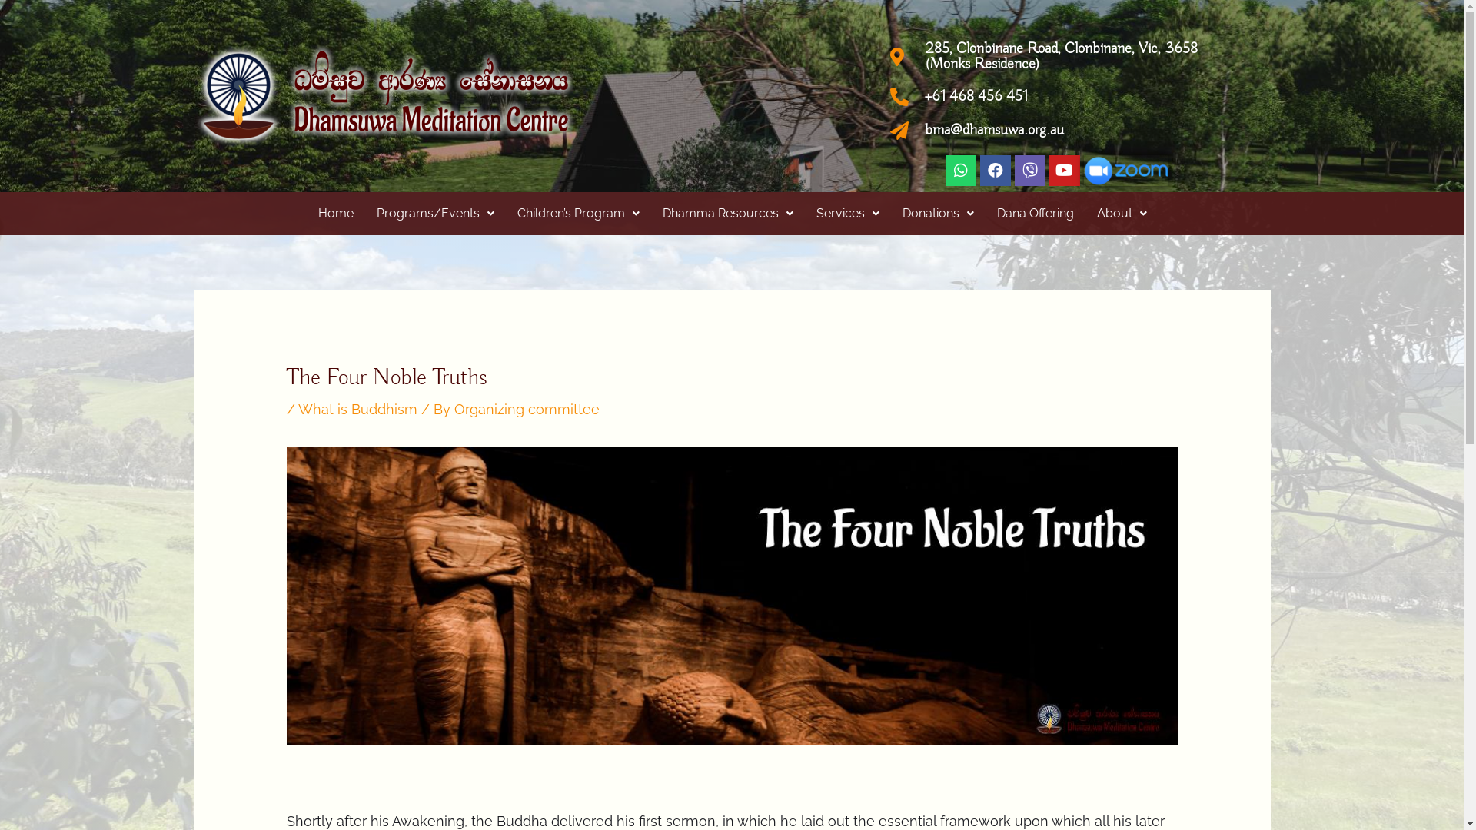 This screenshot has width=1476, height=830. I want to click on 'Donations', so click(889, 213).